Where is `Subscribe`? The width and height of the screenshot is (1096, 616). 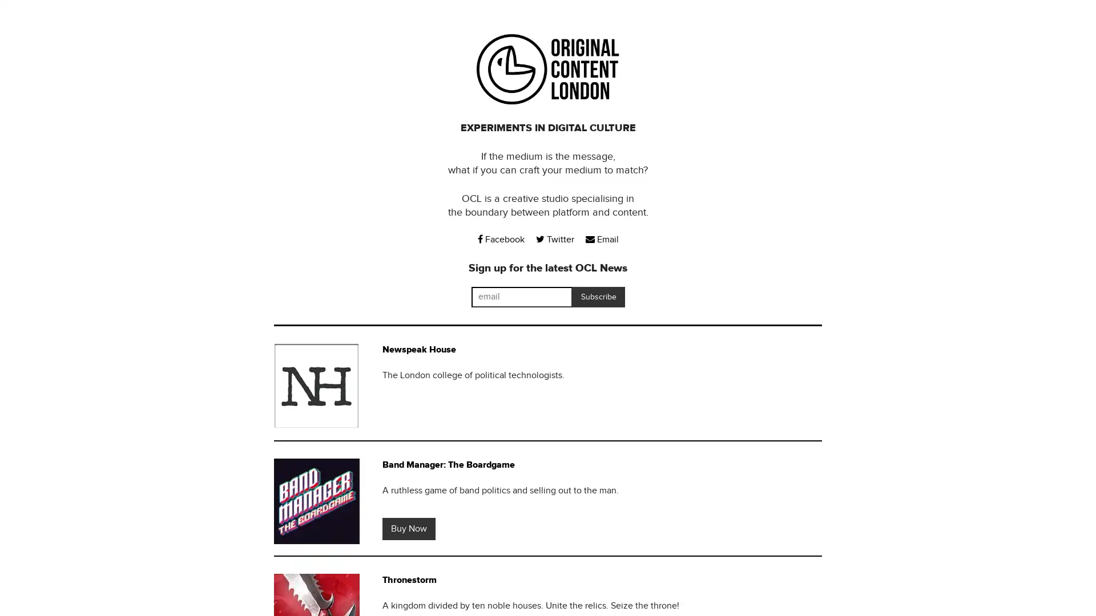
Subscribe is located at coordinates (597, 296).